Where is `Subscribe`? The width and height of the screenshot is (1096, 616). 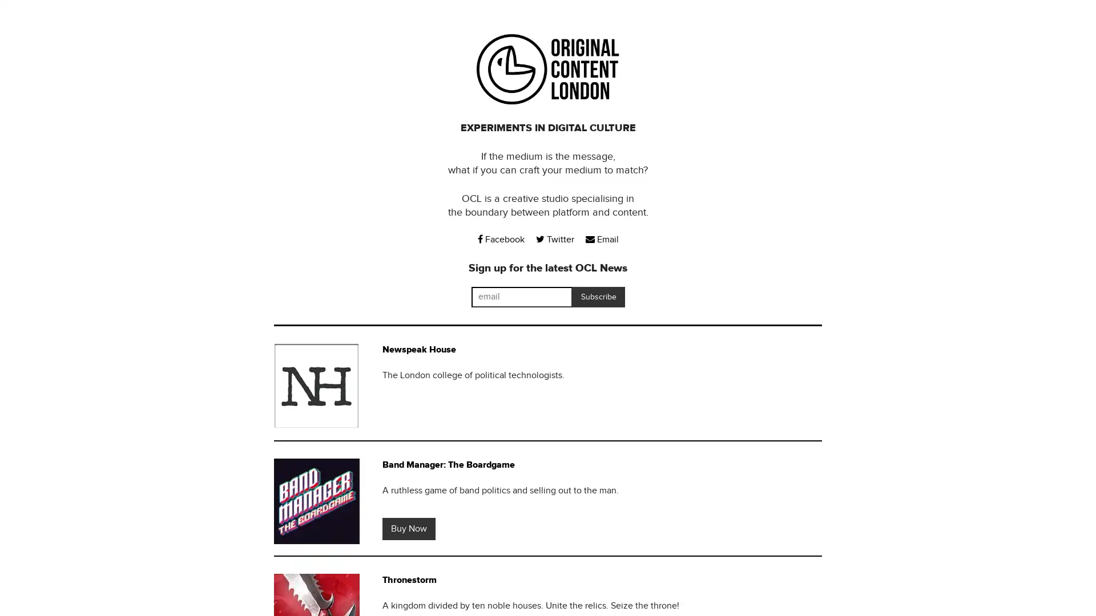
Subscribe is located at coordinates (597, 296).